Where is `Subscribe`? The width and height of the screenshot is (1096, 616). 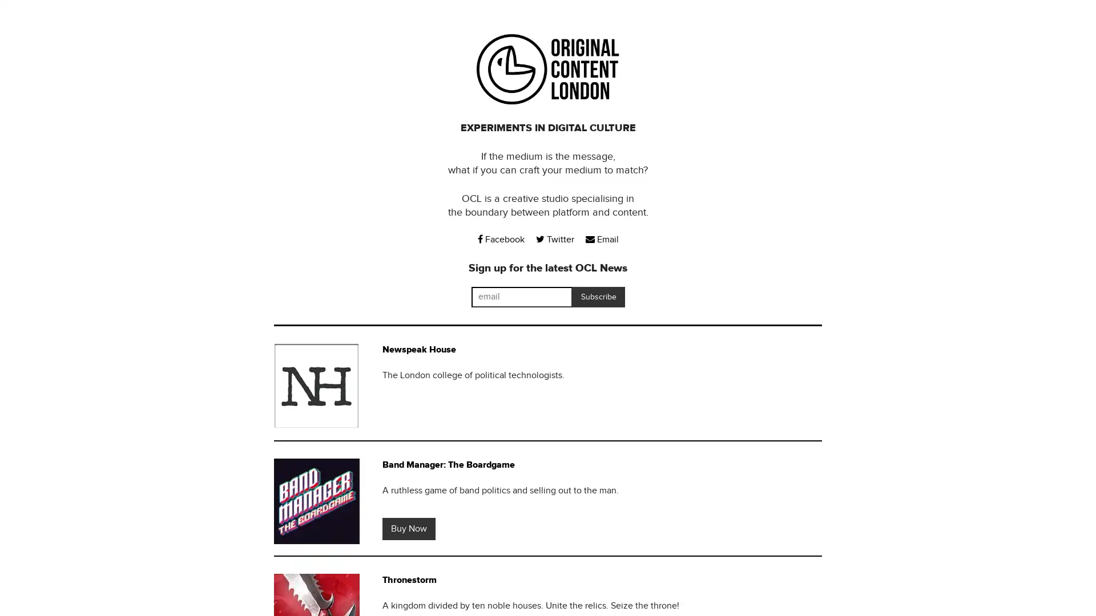
Subscribe is located at coordinates (597, 296).